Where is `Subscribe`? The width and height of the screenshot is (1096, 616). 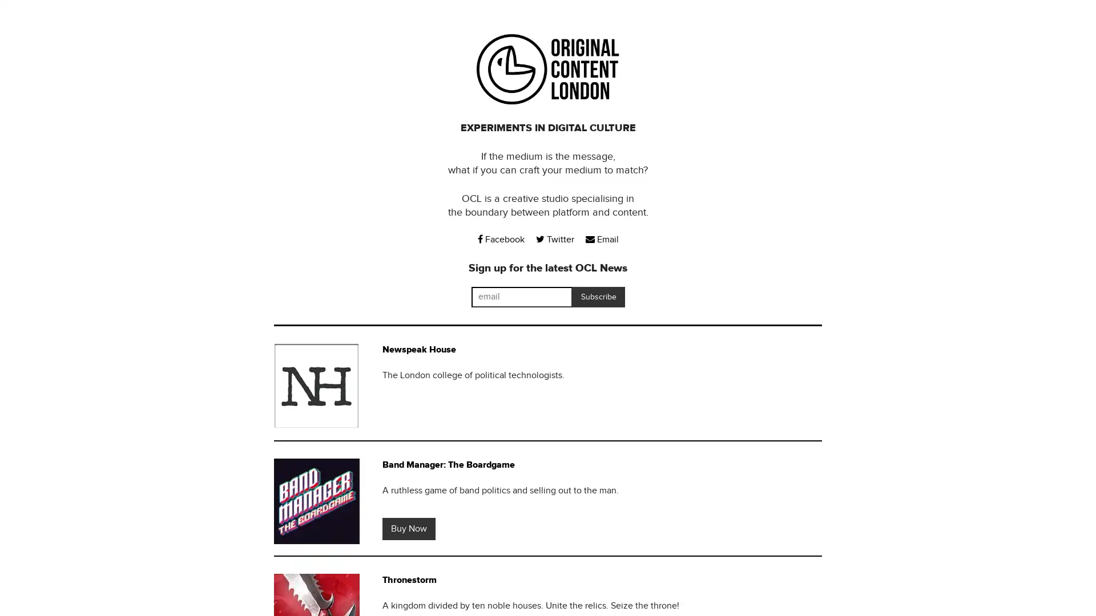
Subscribe is located at coordinates (597, 296).